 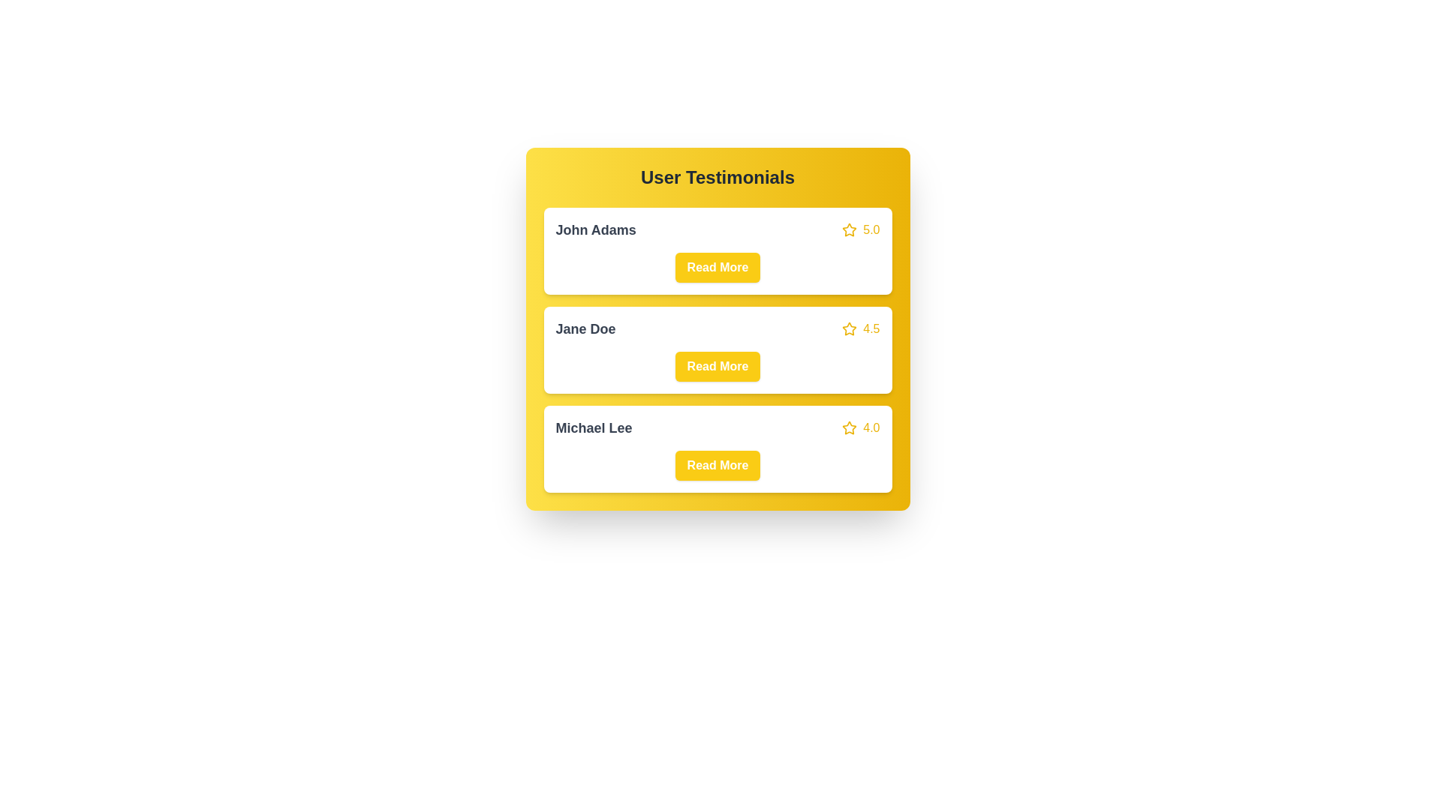 I want to click on the 'Read More' button for John Adams to expand or collapse the review, so click(x=717, y=267).